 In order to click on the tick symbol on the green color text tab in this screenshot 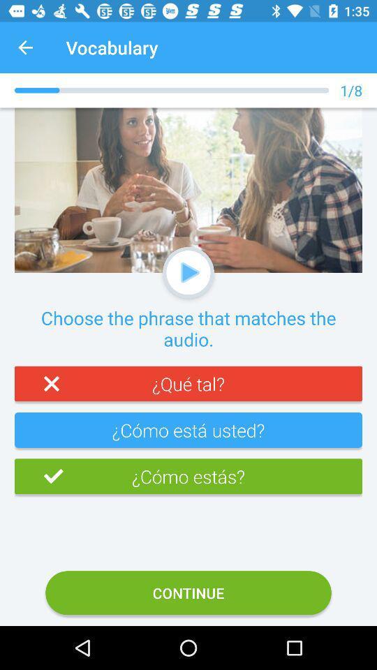, I will do `click(38, 476)`.